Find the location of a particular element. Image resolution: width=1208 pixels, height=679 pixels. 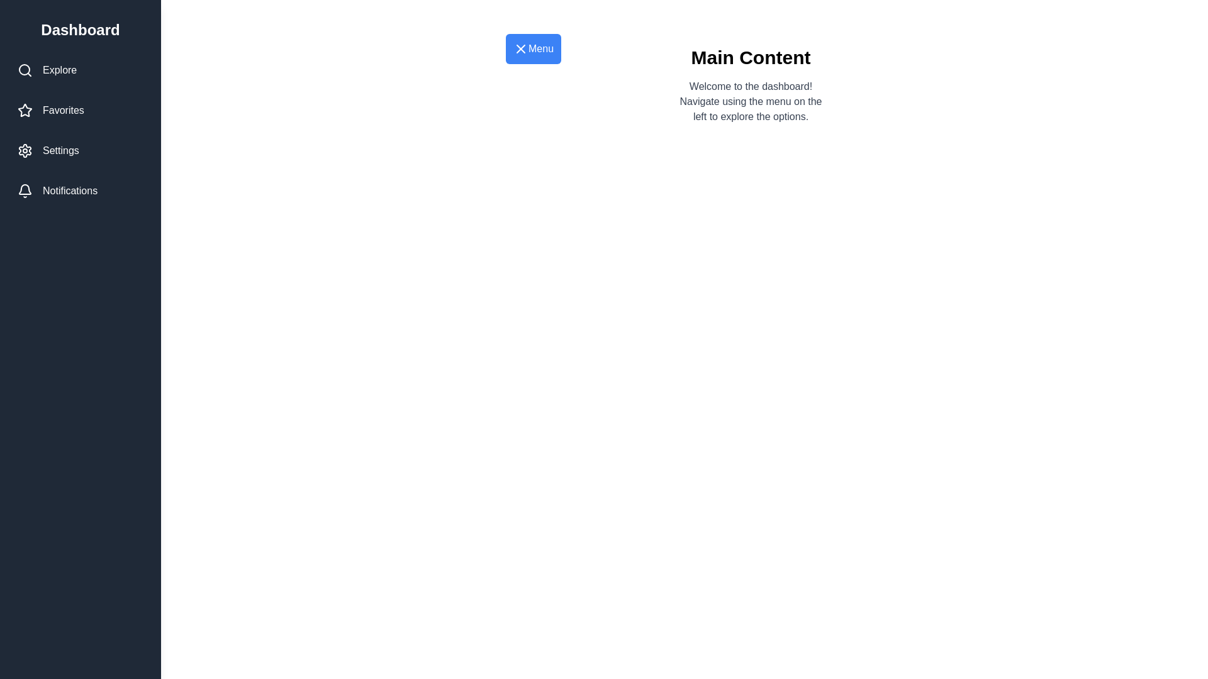

the notification icon located at the bottom of the sidebar navigation panel, beneath the 'Settings' button, to check for new alerts is located at coordinates (25, 189).